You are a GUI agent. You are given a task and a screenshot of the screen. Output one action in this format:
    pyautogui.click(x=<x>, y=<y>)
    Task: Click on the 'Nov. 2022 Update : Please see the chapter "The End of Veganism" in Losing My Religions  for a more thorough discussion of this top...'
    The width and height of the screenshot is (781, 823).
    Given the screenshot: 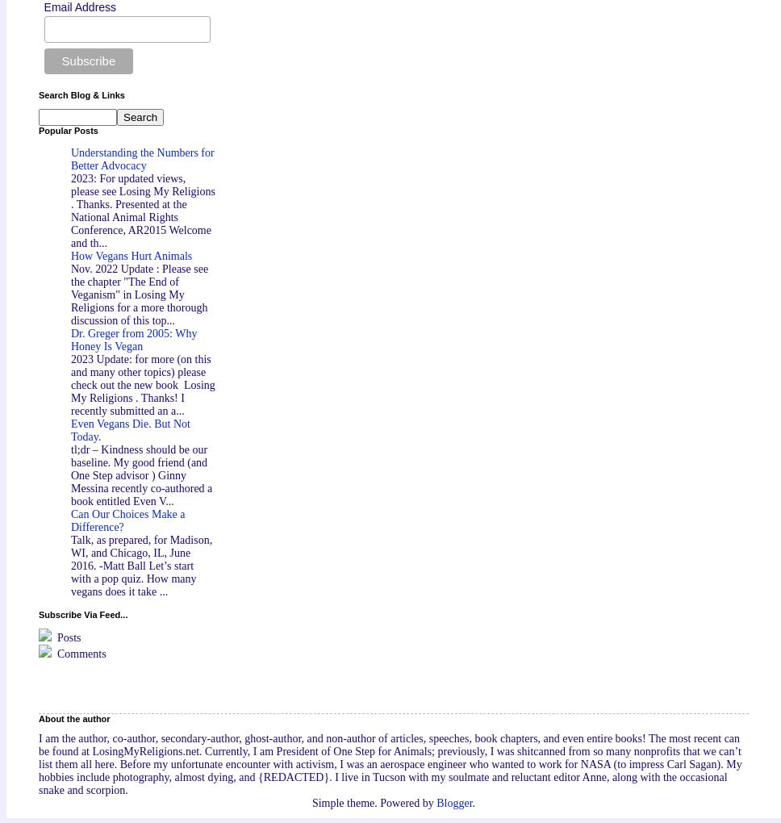 What is the action you would take?
    pyautogui.click(x=70, y=293)
    